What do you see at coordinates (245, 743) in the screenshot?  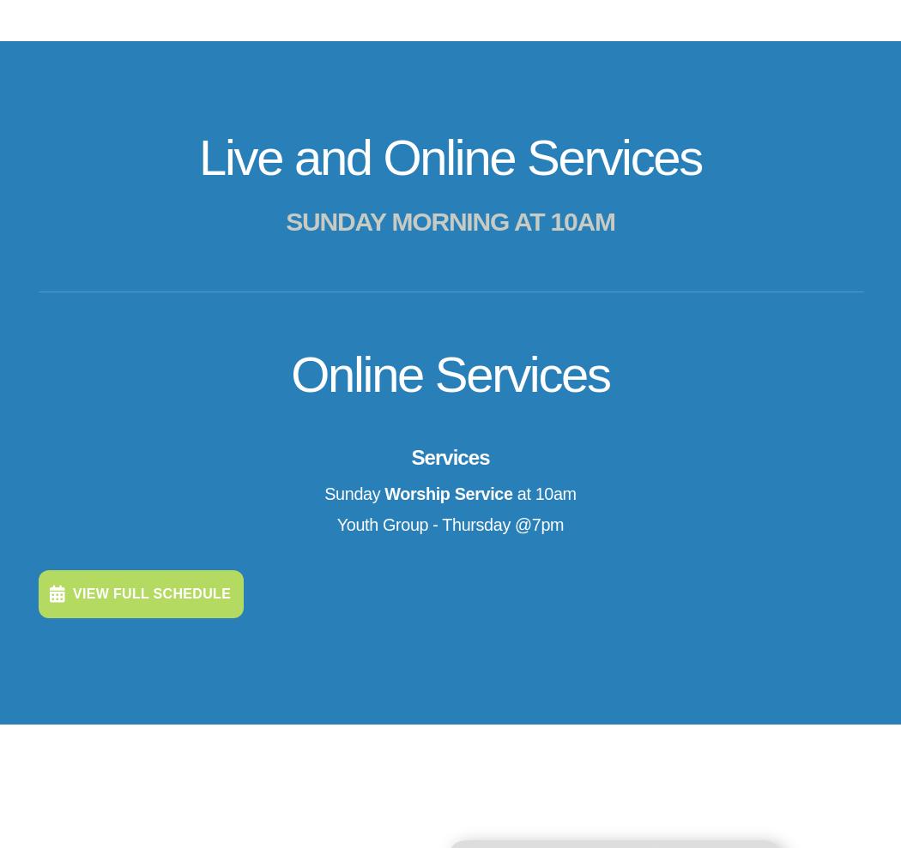 I see `'Online:'` at bounding box center [245, 743].